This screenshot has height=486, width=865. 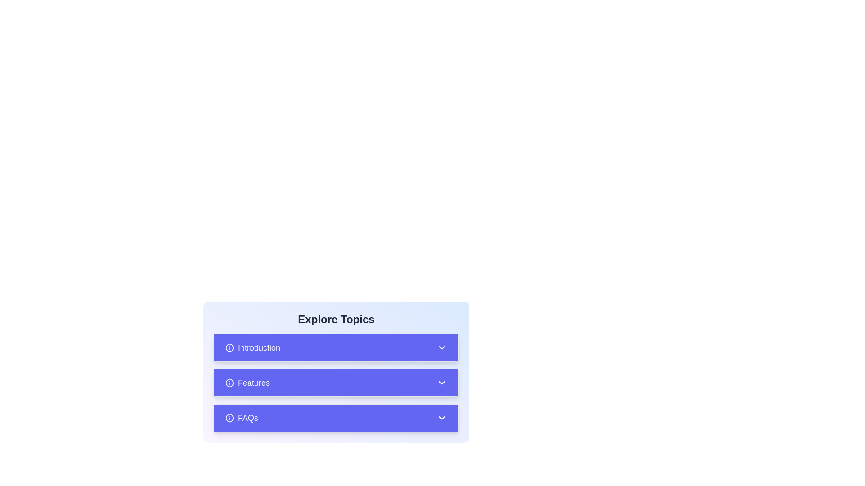 What do you see at coordinates (229, 383) in the screenshot?
I see `the circular information icon with a blue background located in the second row of the 'Explore Topics' menu, next to the 'Features' label` at bounding box center [229, 383].